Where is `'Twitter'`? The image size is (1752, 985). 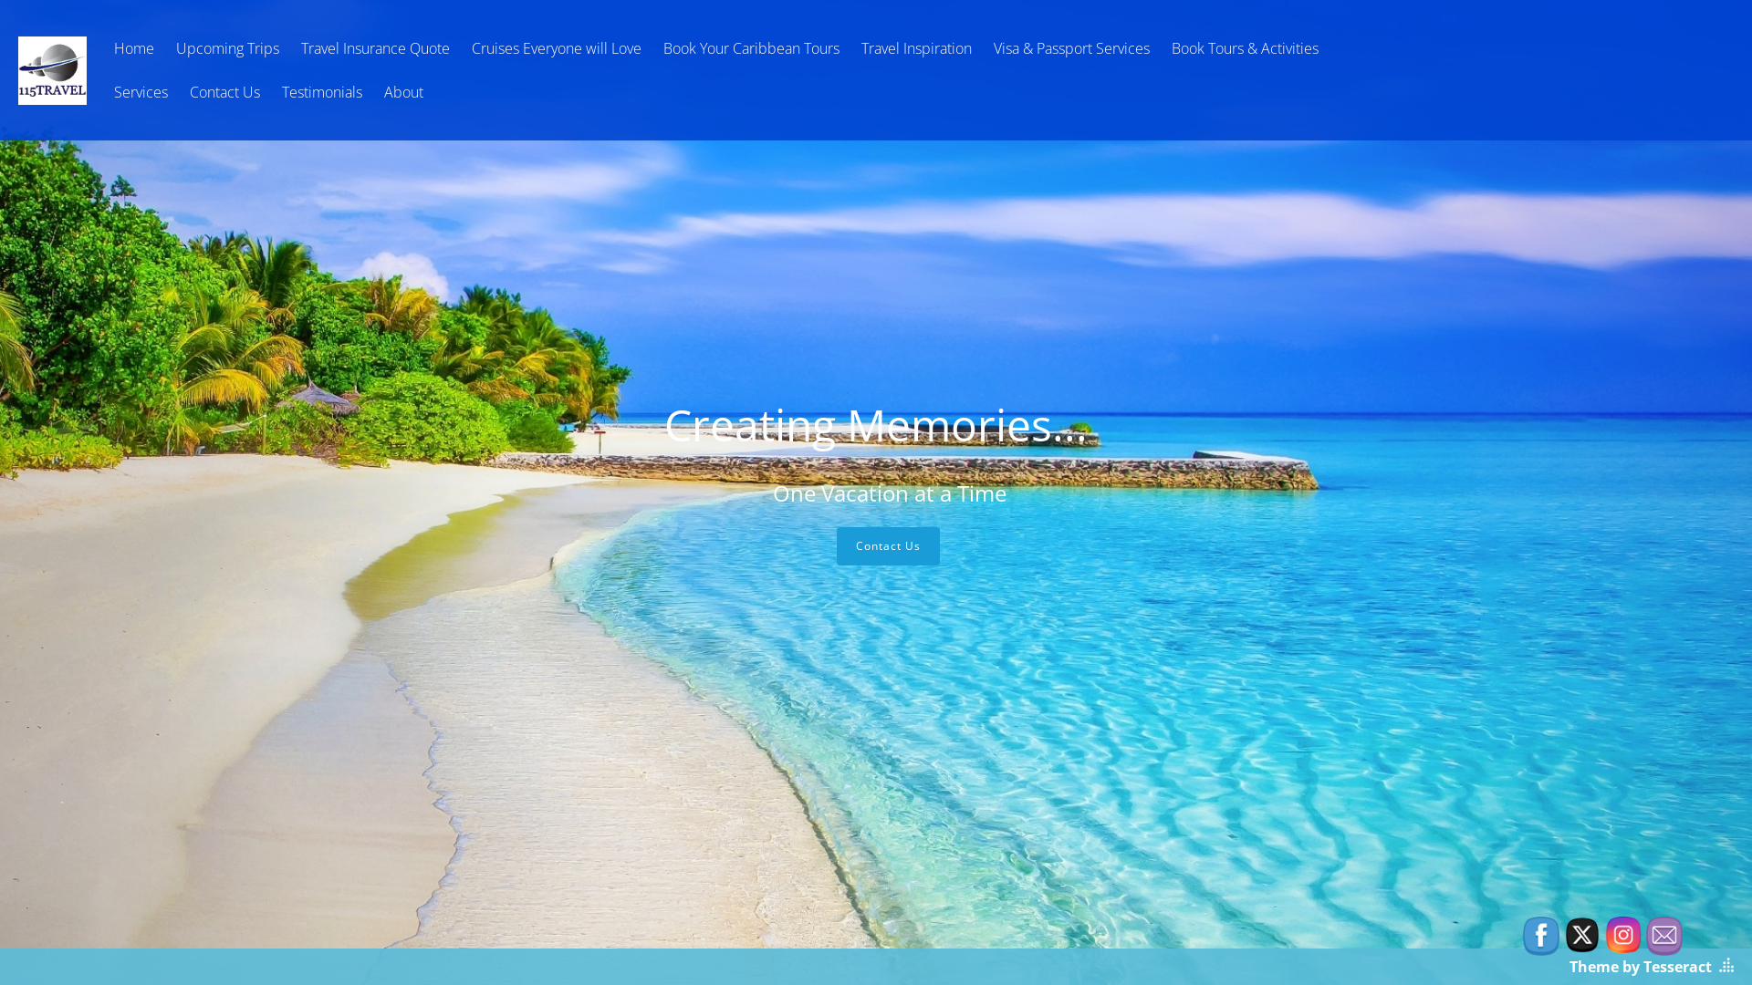
'Twitter' is located at coordinates (1580, 935).